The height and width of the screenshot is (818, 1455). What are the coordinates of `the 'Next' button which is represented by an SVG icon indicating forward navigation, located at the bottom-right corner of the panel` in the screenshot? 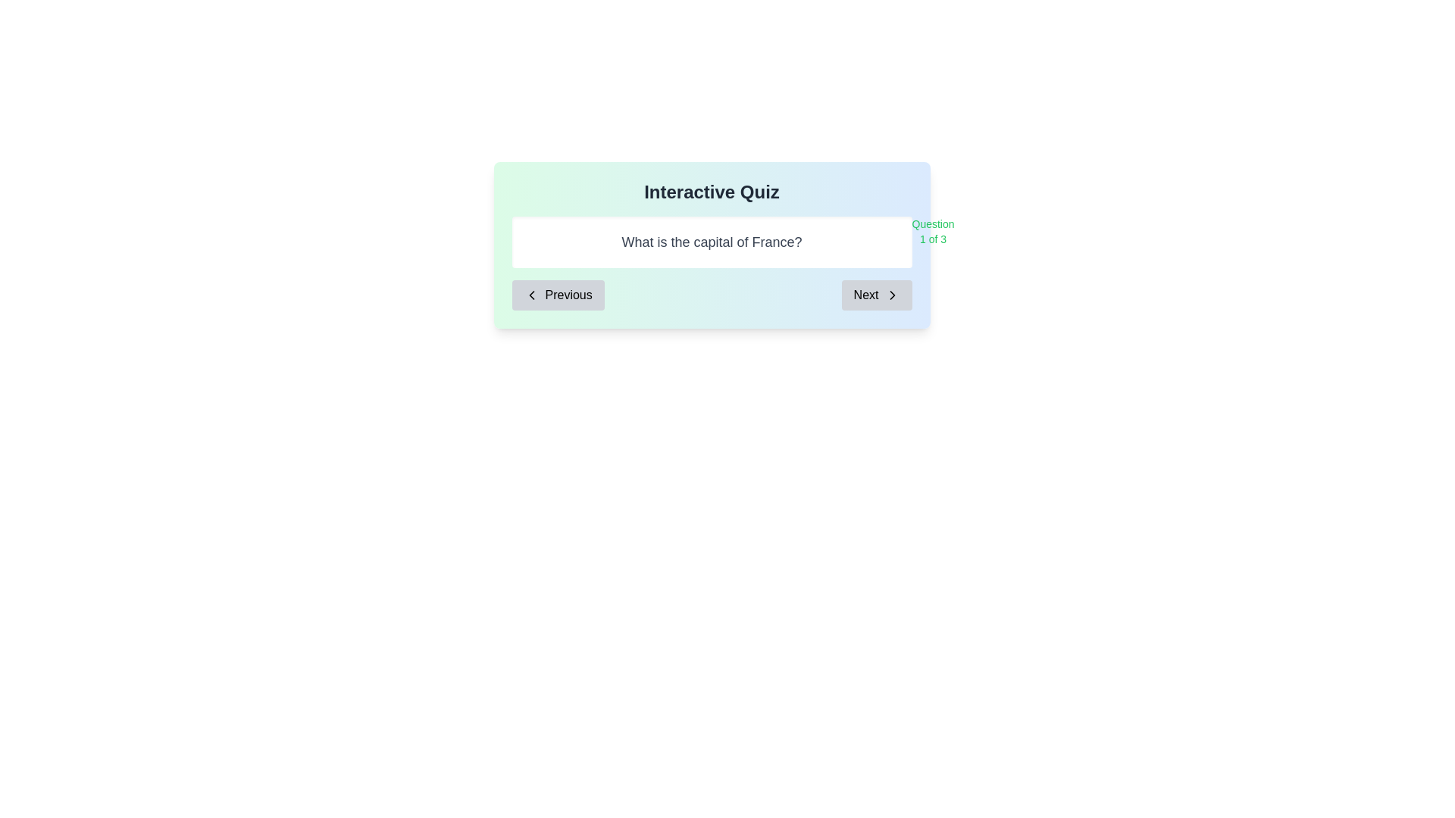 It's located at (892, 295).